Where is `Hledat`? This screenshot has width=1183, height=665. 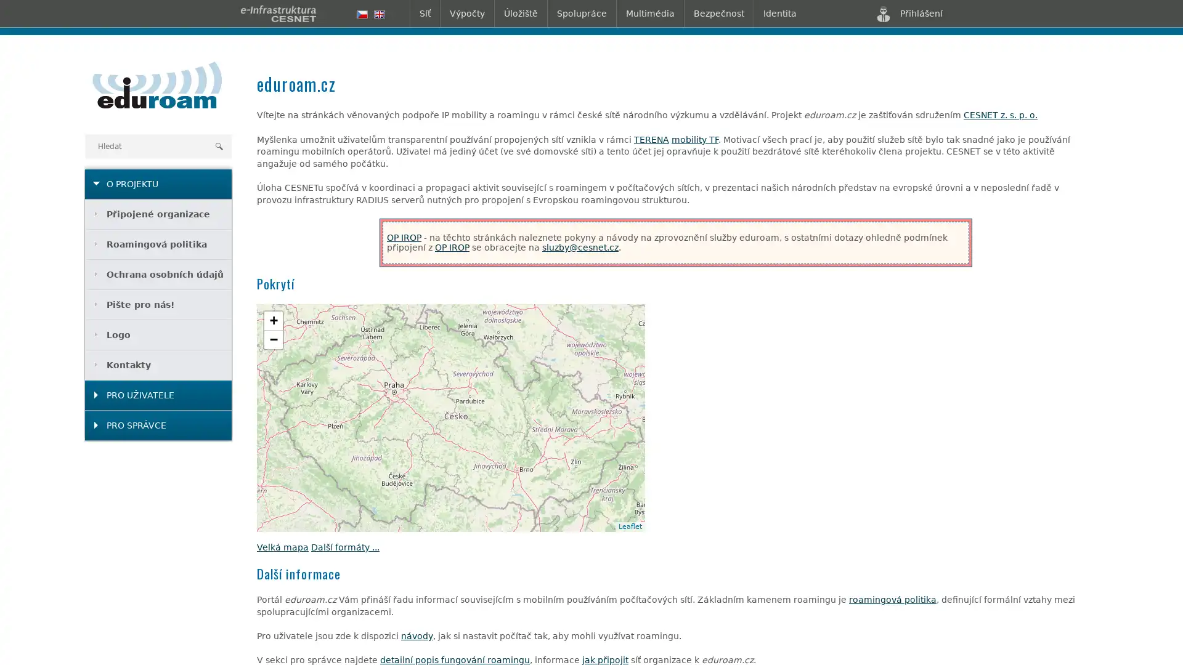 Hledat is located at coordinates (219, 145).